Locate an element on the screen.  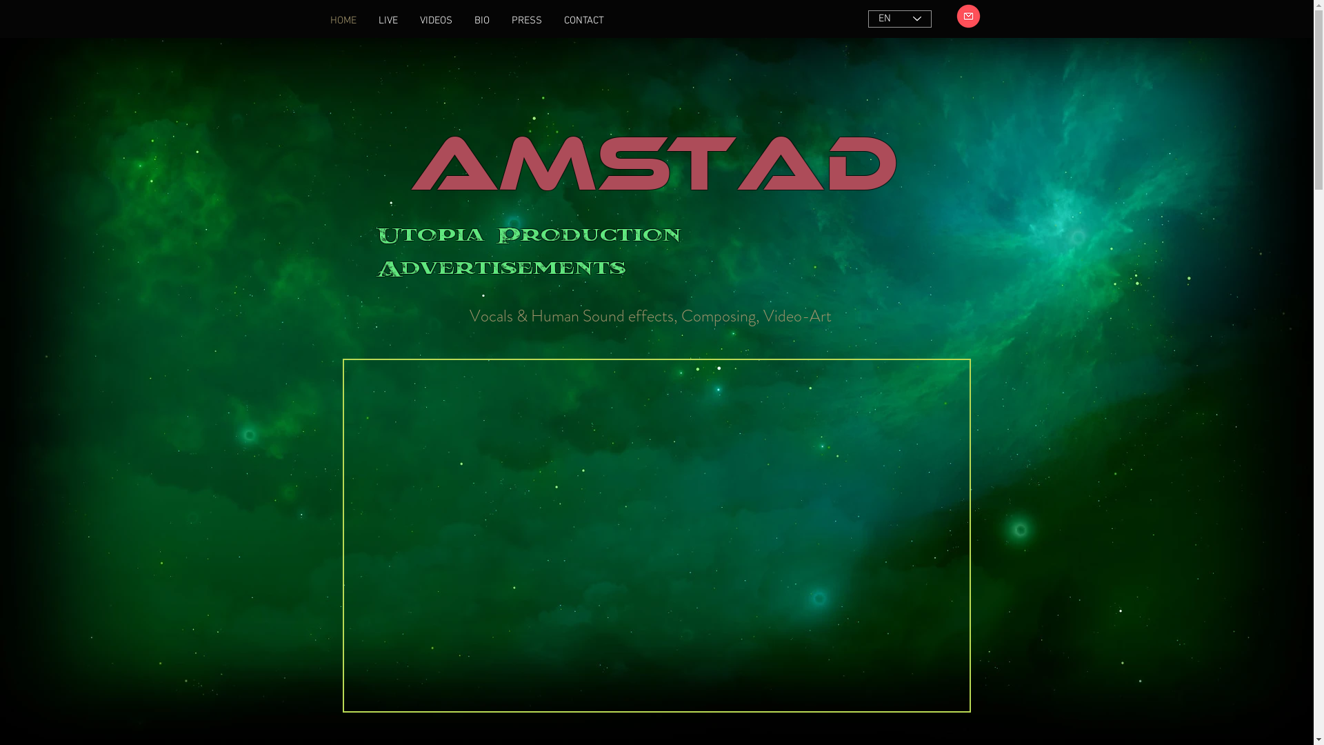
'CONTACT' is located at coordinates (583, 21).